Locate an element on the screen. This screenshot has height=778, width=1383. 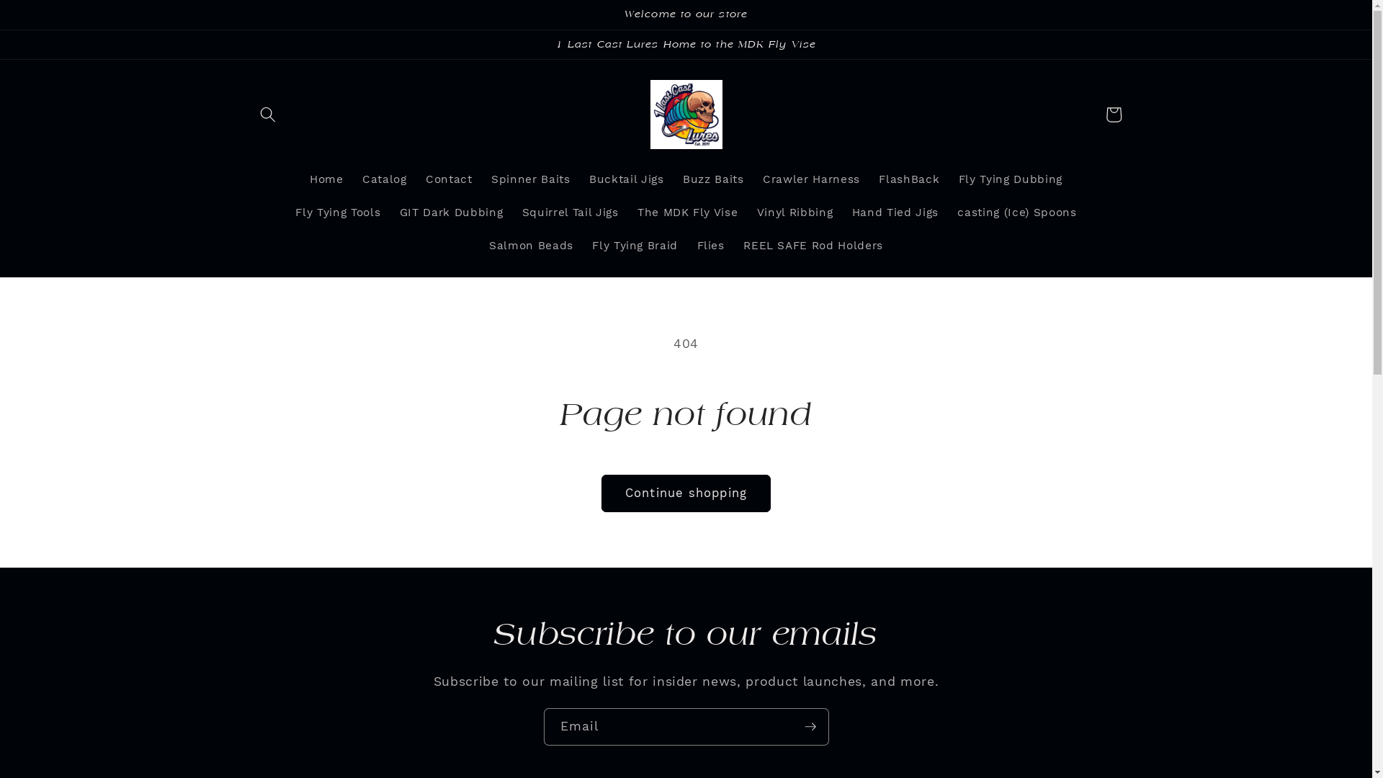
'The MDK Fly Vise' is located at coordinates (687, 213).